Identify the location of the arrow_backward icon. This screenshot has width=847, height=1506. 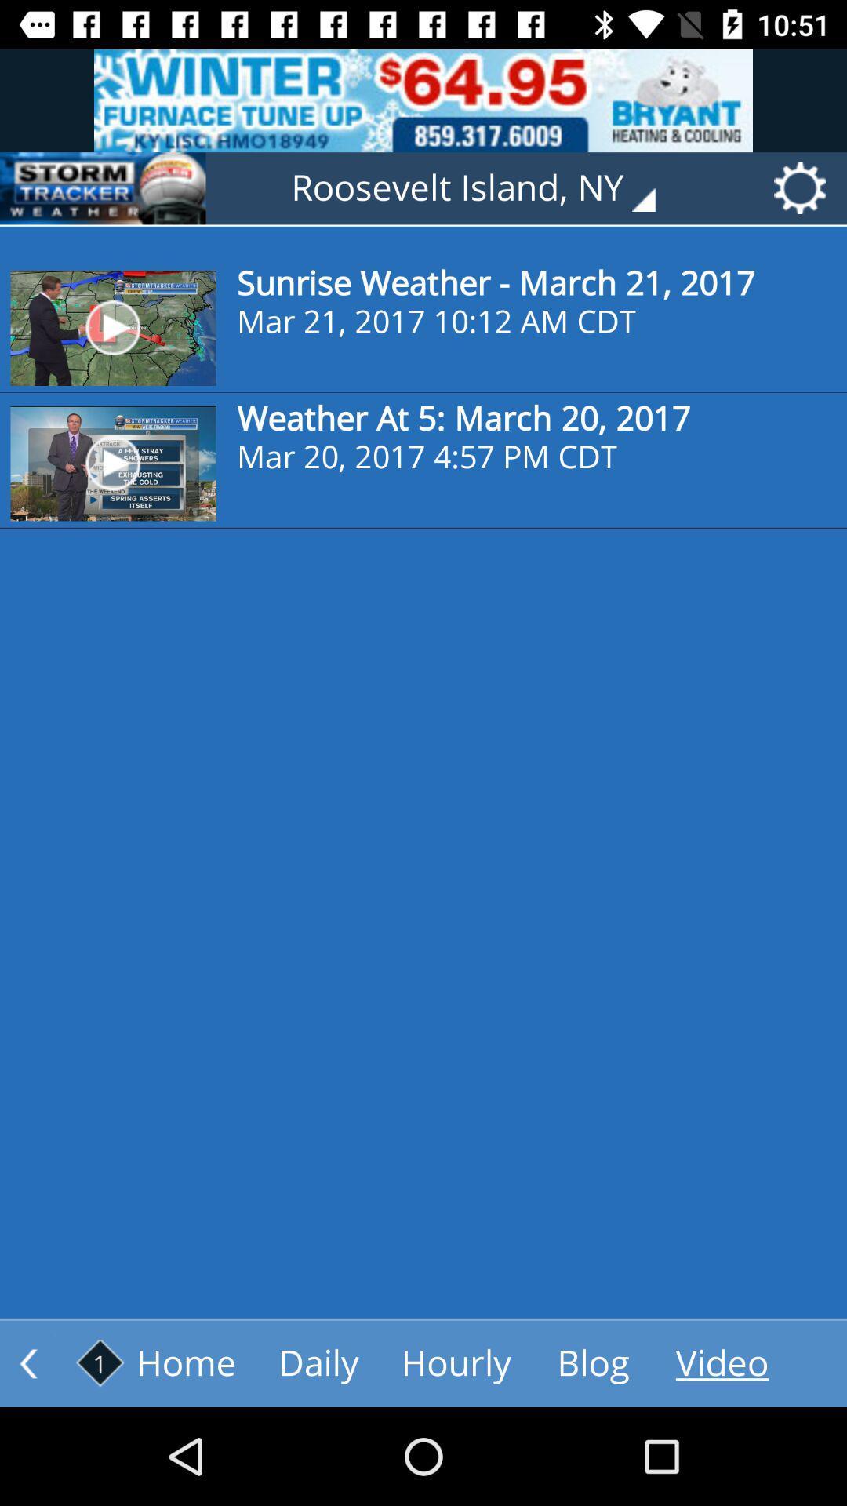
(28, 1362).